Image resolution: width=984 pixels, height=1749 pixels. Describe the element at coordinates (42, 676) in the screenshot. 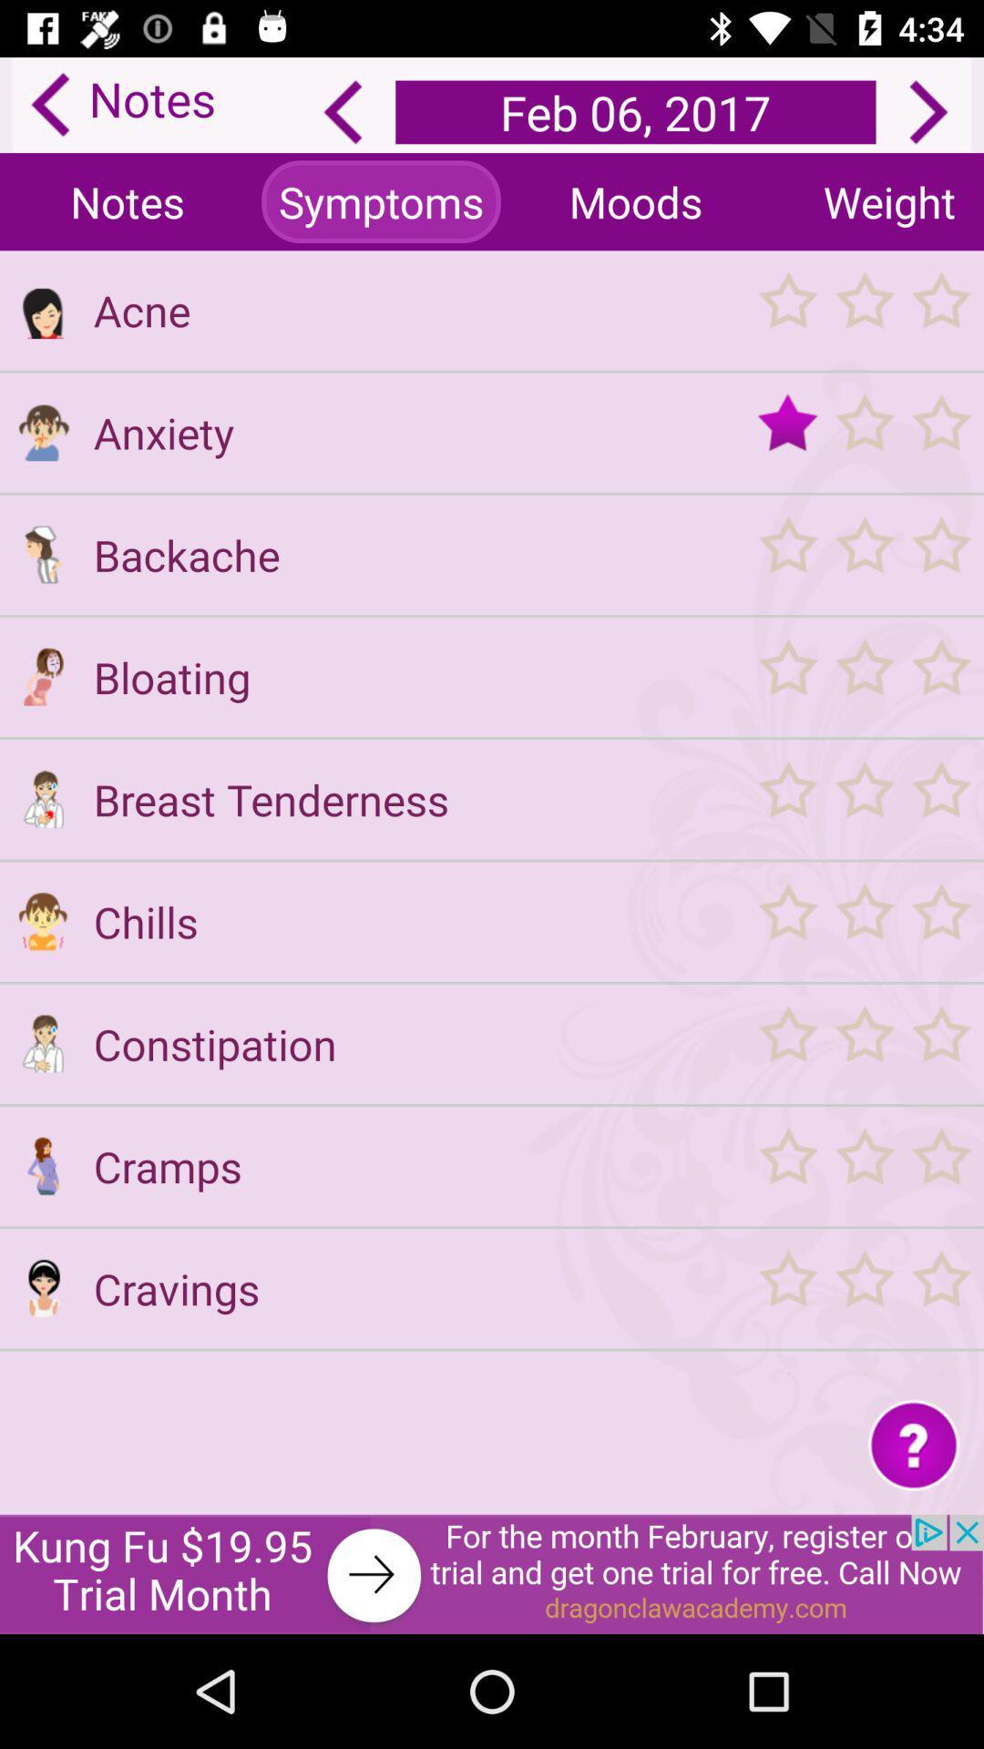

I see `icone picture` at that location.